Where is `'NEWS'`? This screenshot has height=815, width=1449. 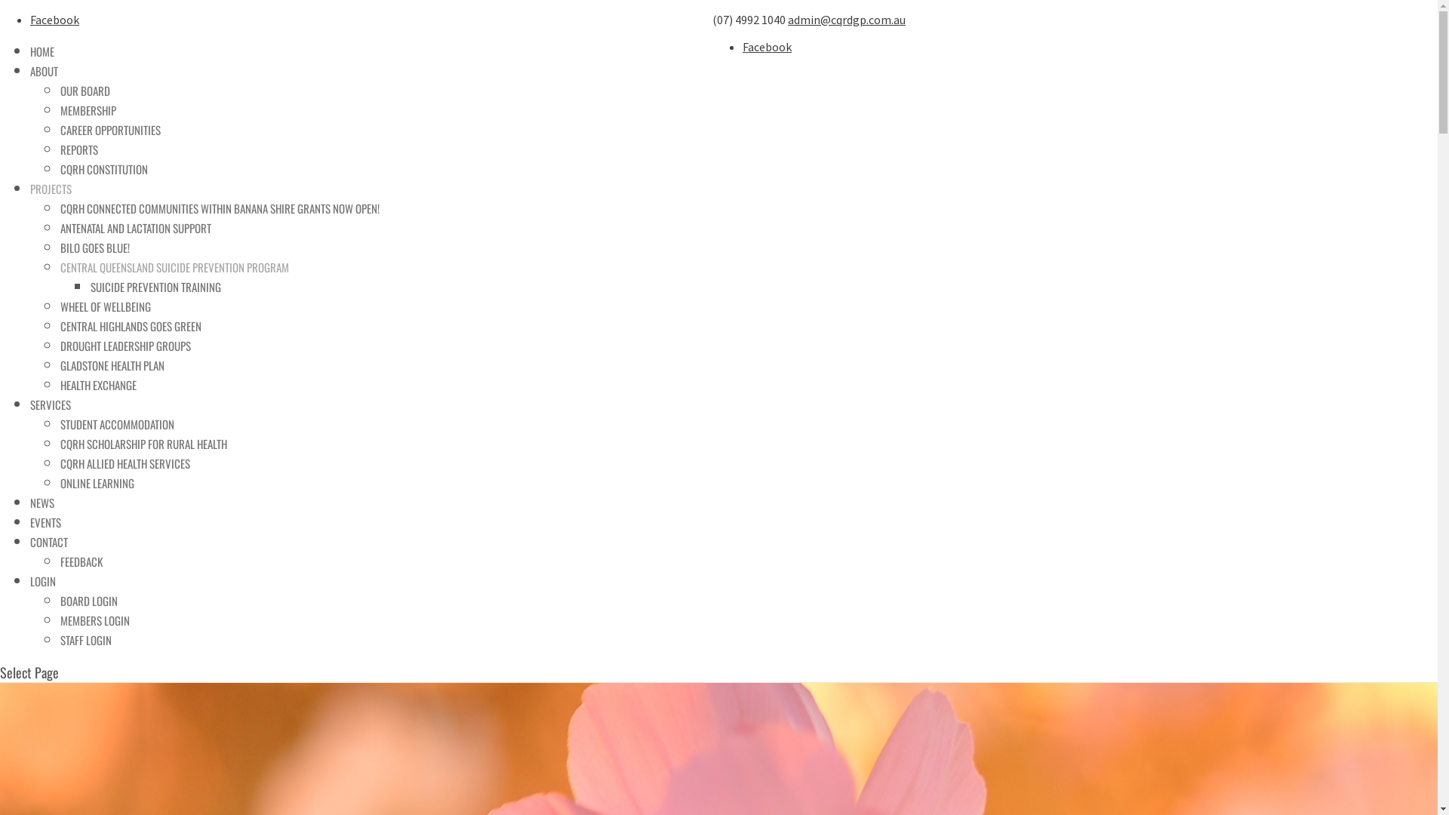 'NEWS' is located at coordinates (42, 503).